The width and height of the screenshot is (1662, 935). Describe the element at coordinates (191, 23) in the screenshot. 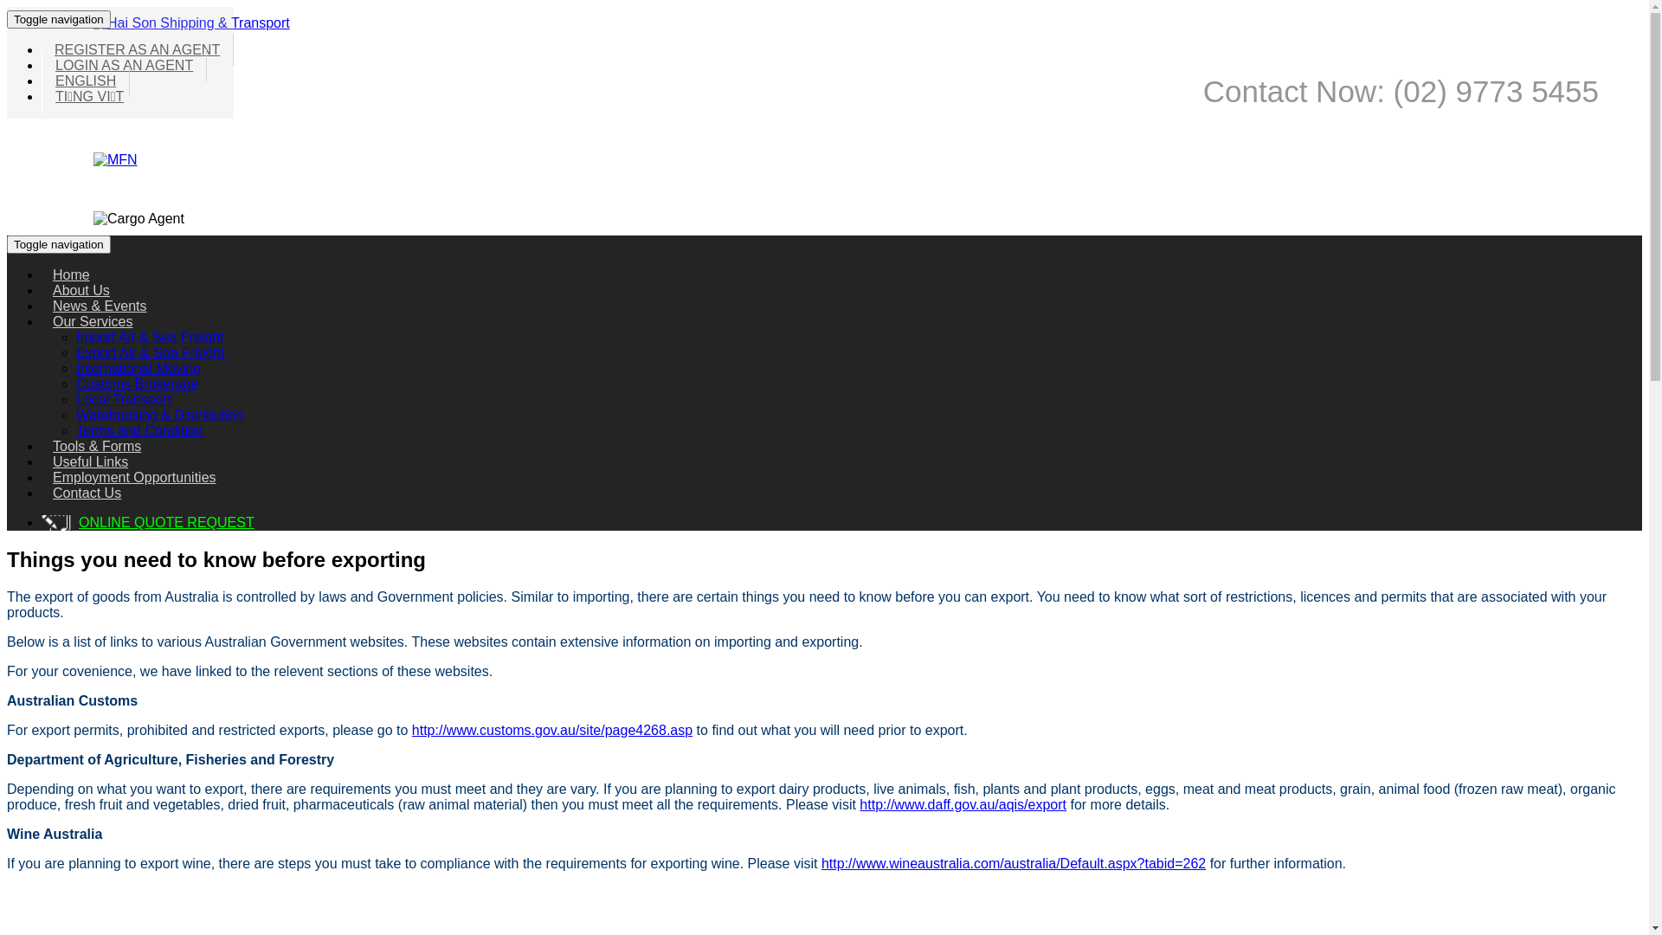

I see `'Hai Son Shipping & Transport'` at that location.